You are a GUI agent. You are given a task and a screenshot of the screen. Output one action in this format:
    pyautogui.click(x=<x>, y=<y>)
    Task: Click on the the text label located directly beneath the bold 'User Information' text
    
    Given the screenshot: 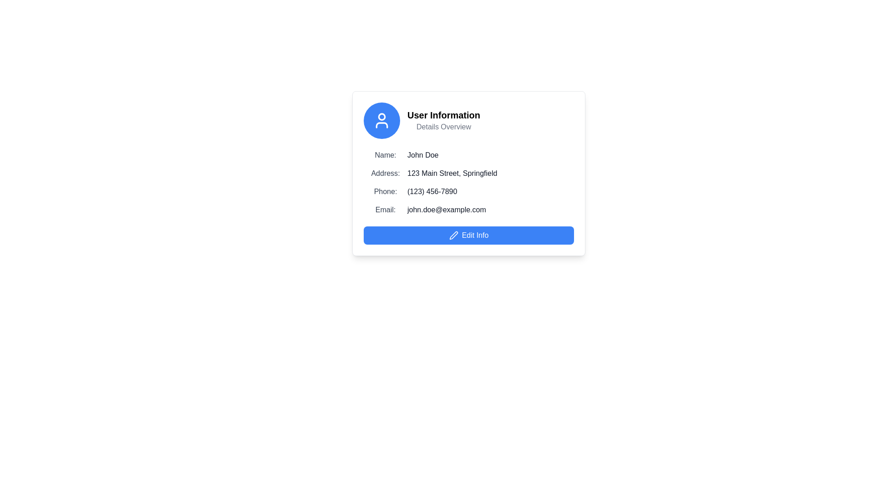 What is the action you would take?
    pyautogui.click(x=443, y=127)
    